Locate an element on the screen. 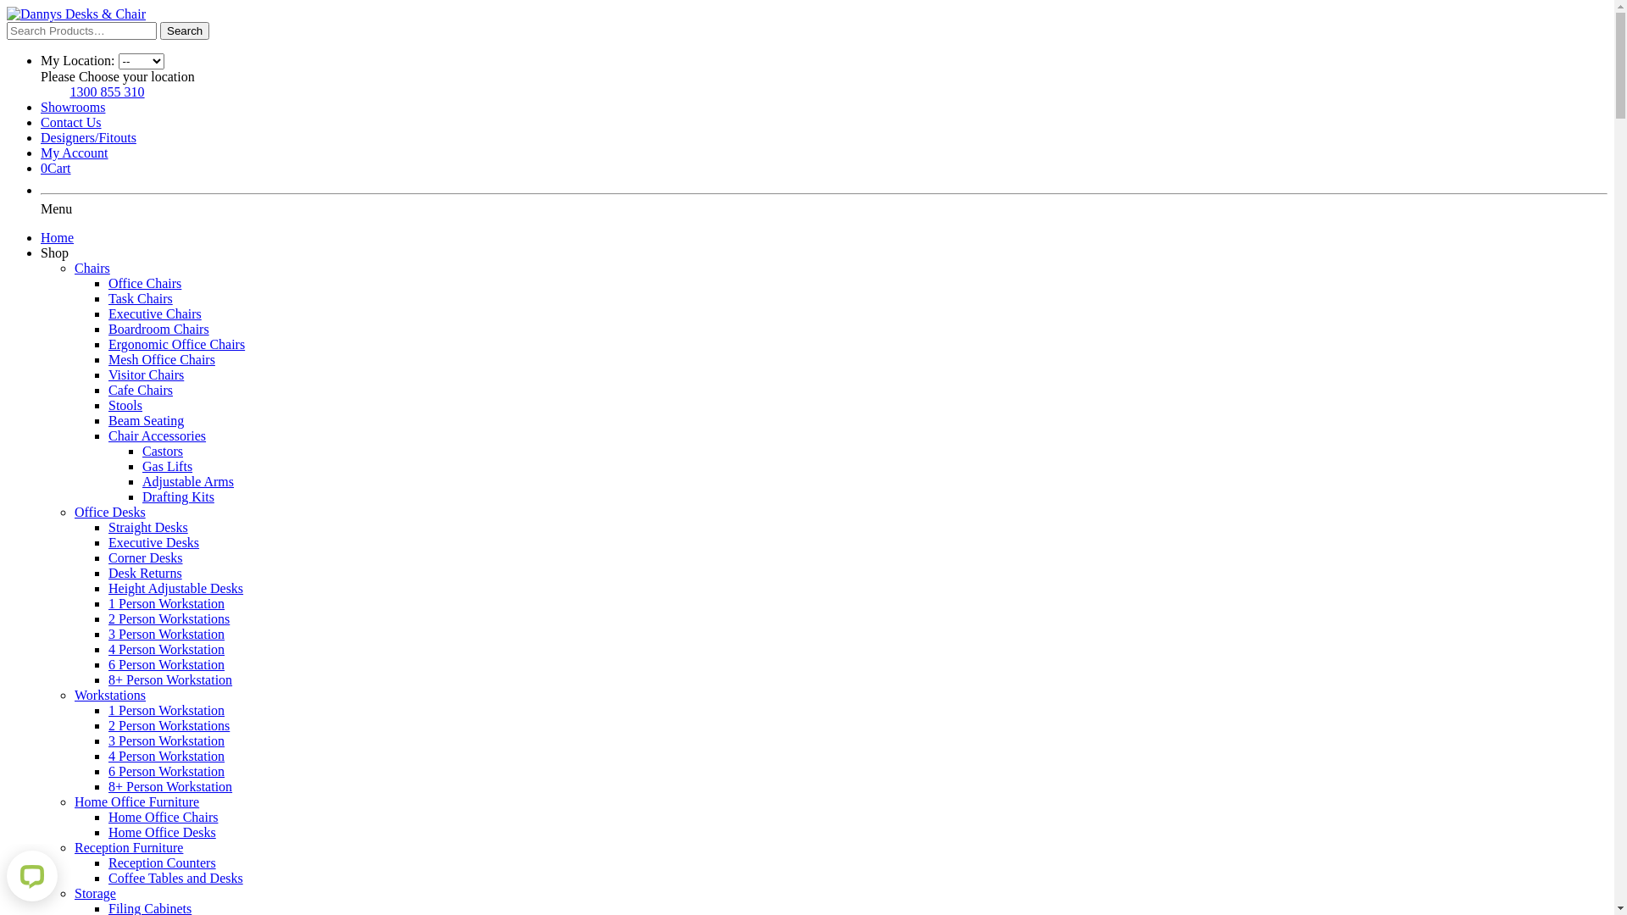  'Chair Accessories' is located at coordinates (157, 435).